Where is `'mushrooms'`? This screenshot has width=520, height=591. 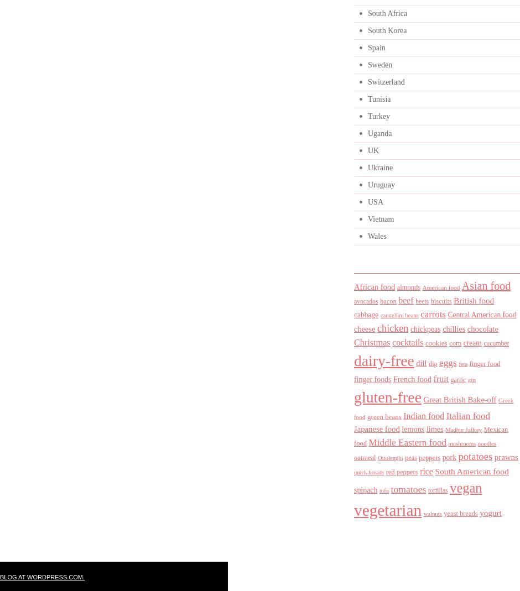
'mushrooms' is located at coordinates (461, 443).